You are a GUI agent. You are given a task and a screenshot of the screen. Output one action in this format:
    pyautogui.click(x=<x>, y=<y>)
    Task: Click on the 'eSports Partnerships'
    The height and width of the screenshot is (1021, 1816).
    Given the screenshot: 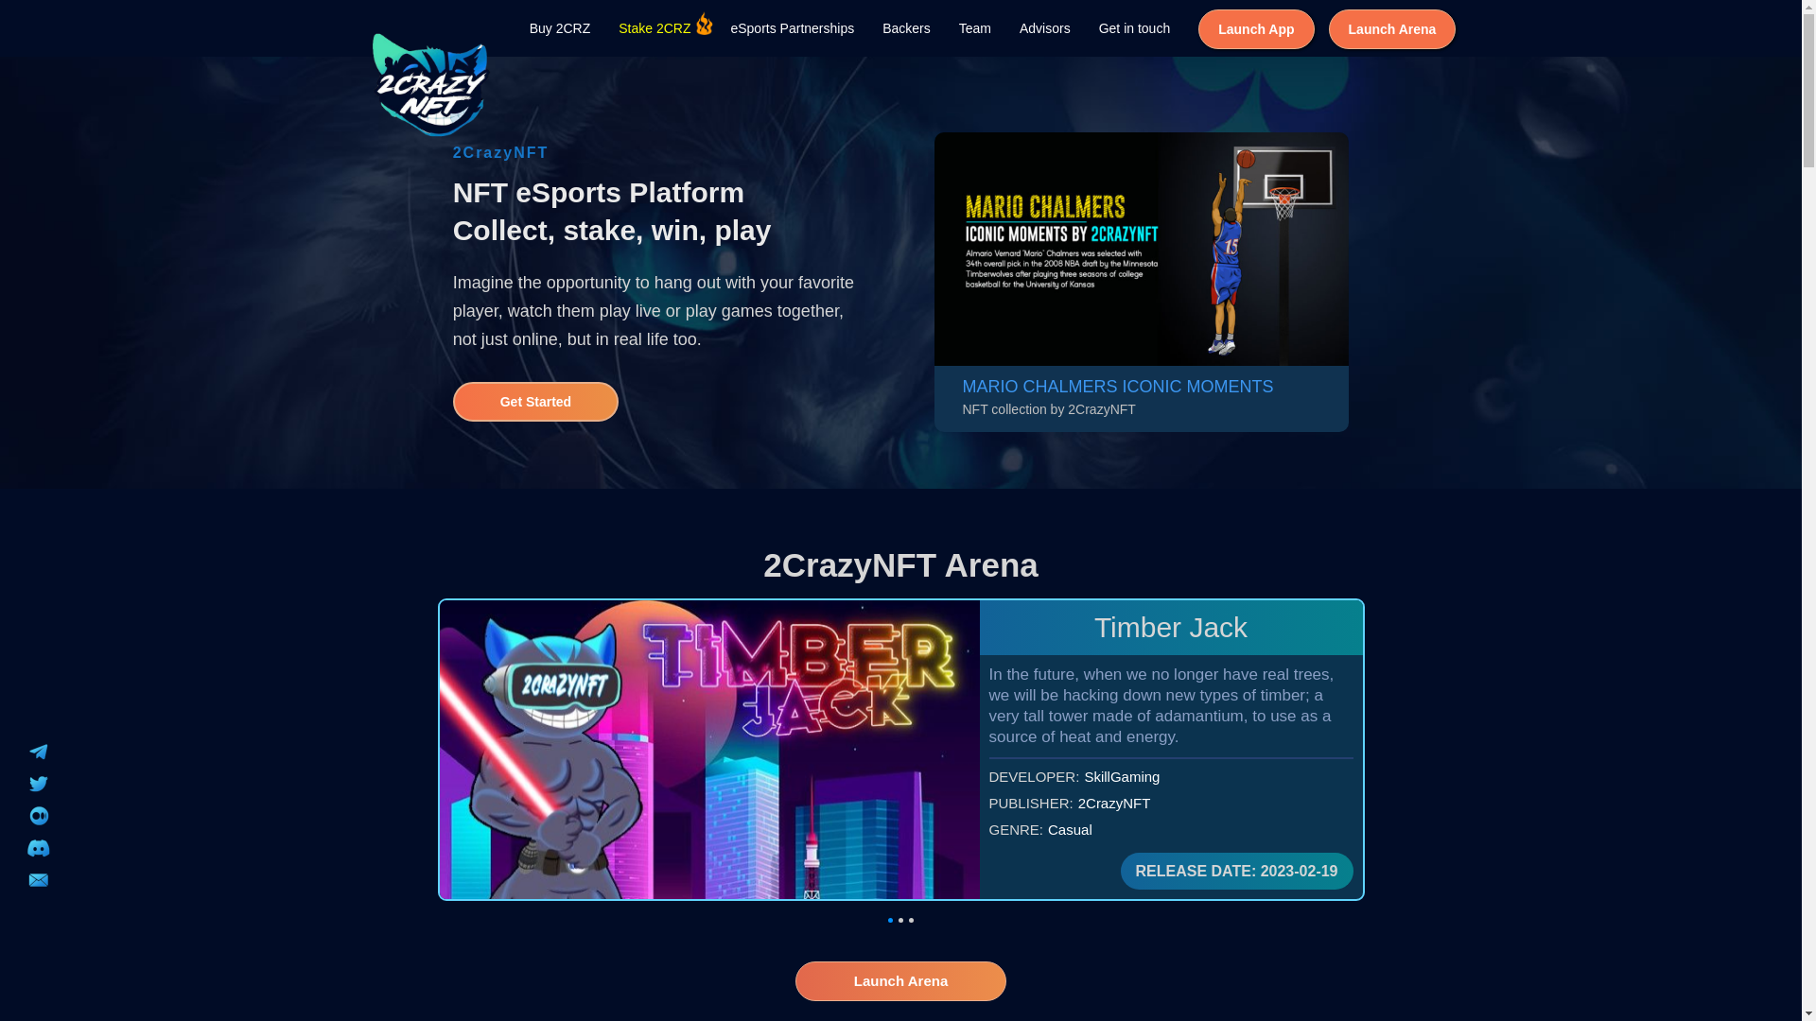 What is the action you would take?
    pyautogui.click(x=715, y=28)
    